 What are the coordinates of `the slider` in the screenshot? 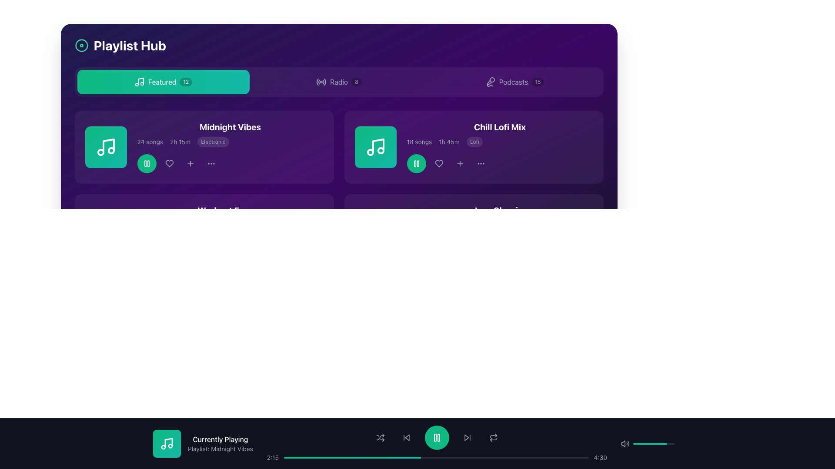 It's located at (640, 444).